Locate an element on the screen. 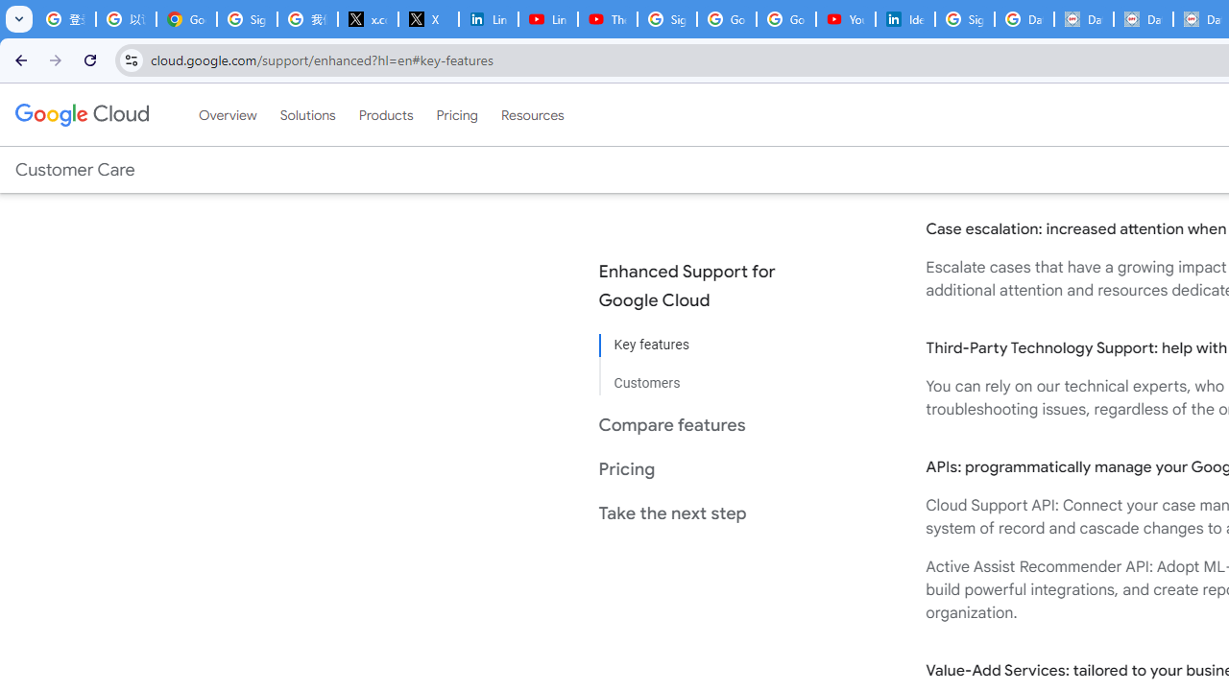 This screenshot has height=691, width=1229. 'Sign in - Google Accounts' is located at coordinates (964, 19).